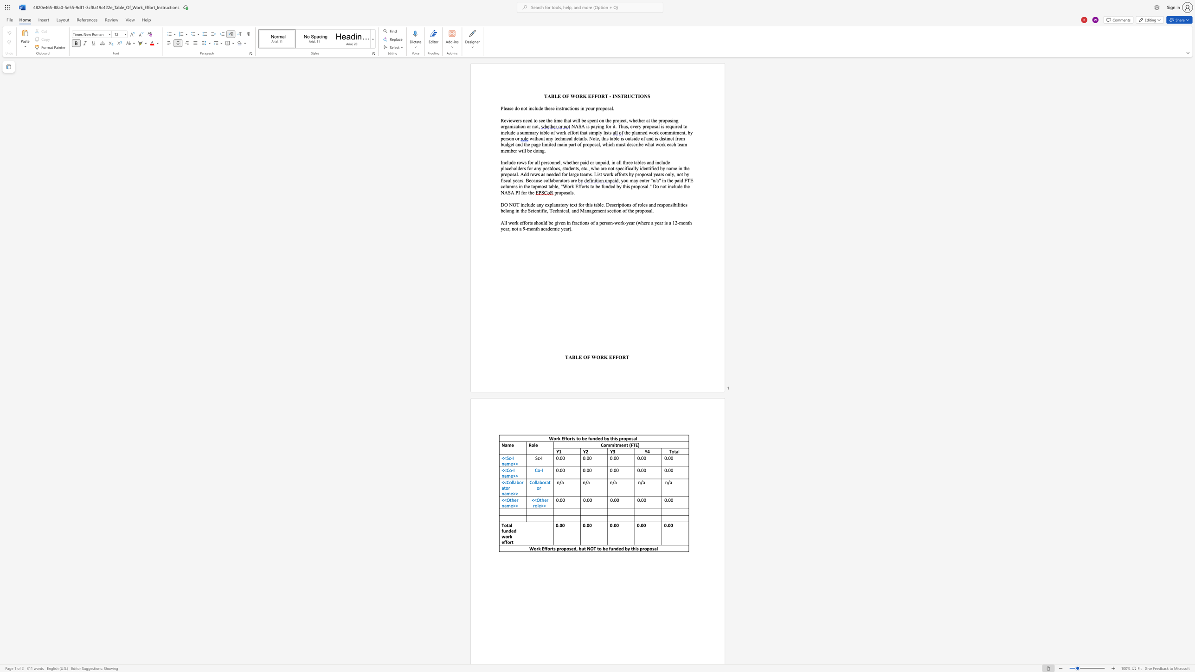  I want to click on the subset text "xt for this table. Desc" within the text "DO NOT include any explanatory text for this table. Descriptions of roles and responsibilities belong in the Scientific, Technical, and Management section of the proposal.", so click(572, 204).